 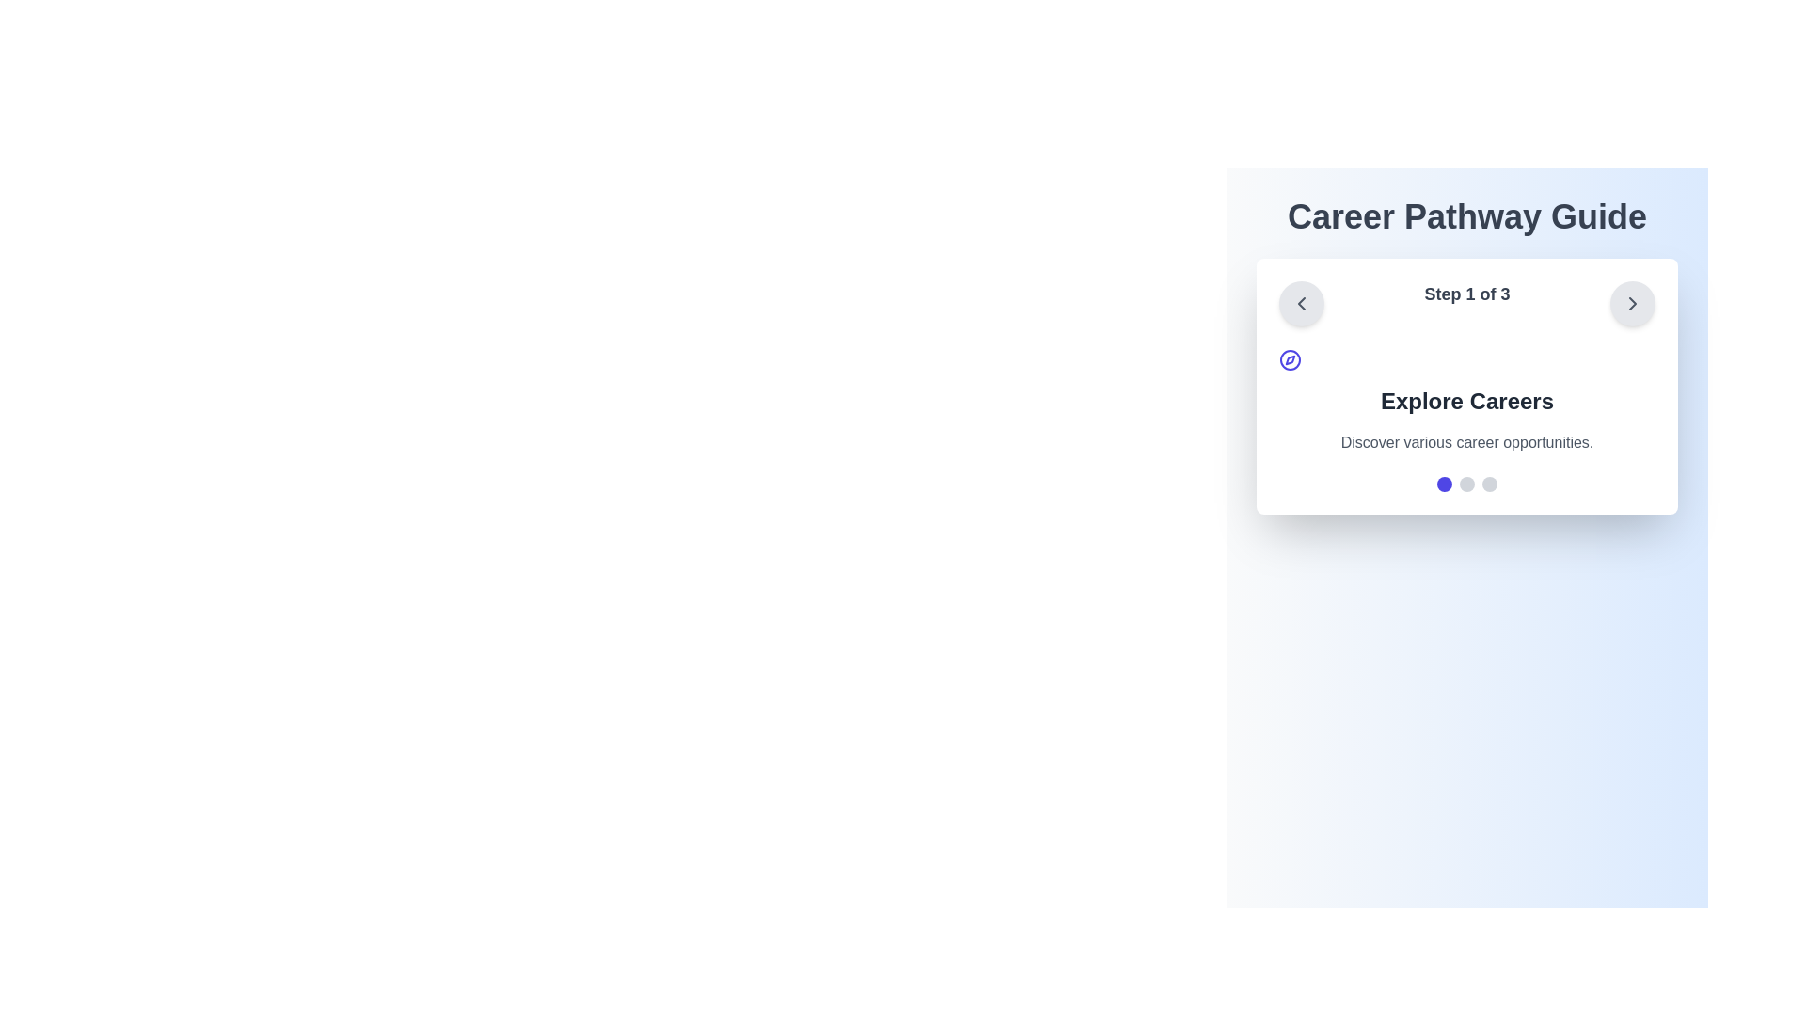 What do you see at coordinates (1466, 303) in the screenshot?
I see `the text label displaying 'Step 1 of 3' which is centrally positioned within the 'Career Pathway Guide' card layout` at bounding box center [1466, 303].